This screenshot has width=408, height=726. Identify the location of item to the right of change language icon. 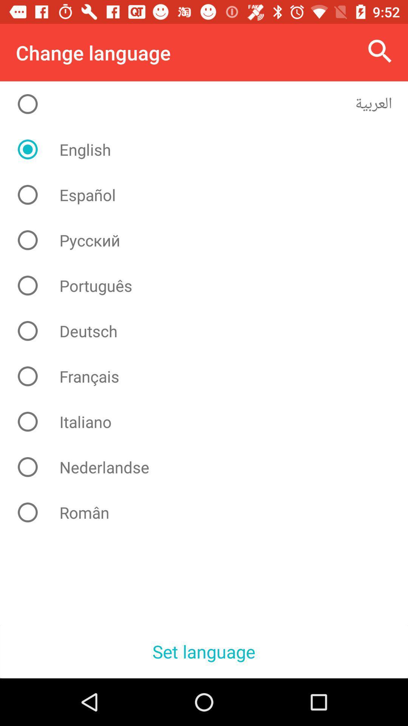
(380, 51).